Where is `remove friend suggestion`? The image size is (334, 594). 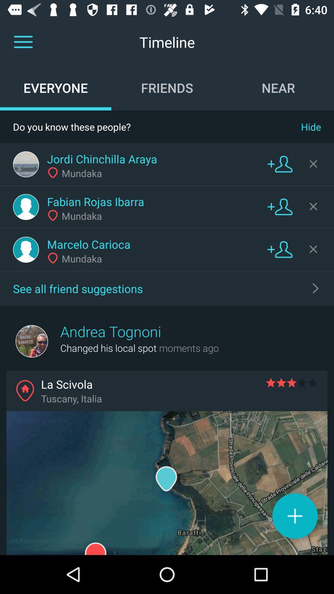 remove friend suggestion is located at coordinates (313, 164).